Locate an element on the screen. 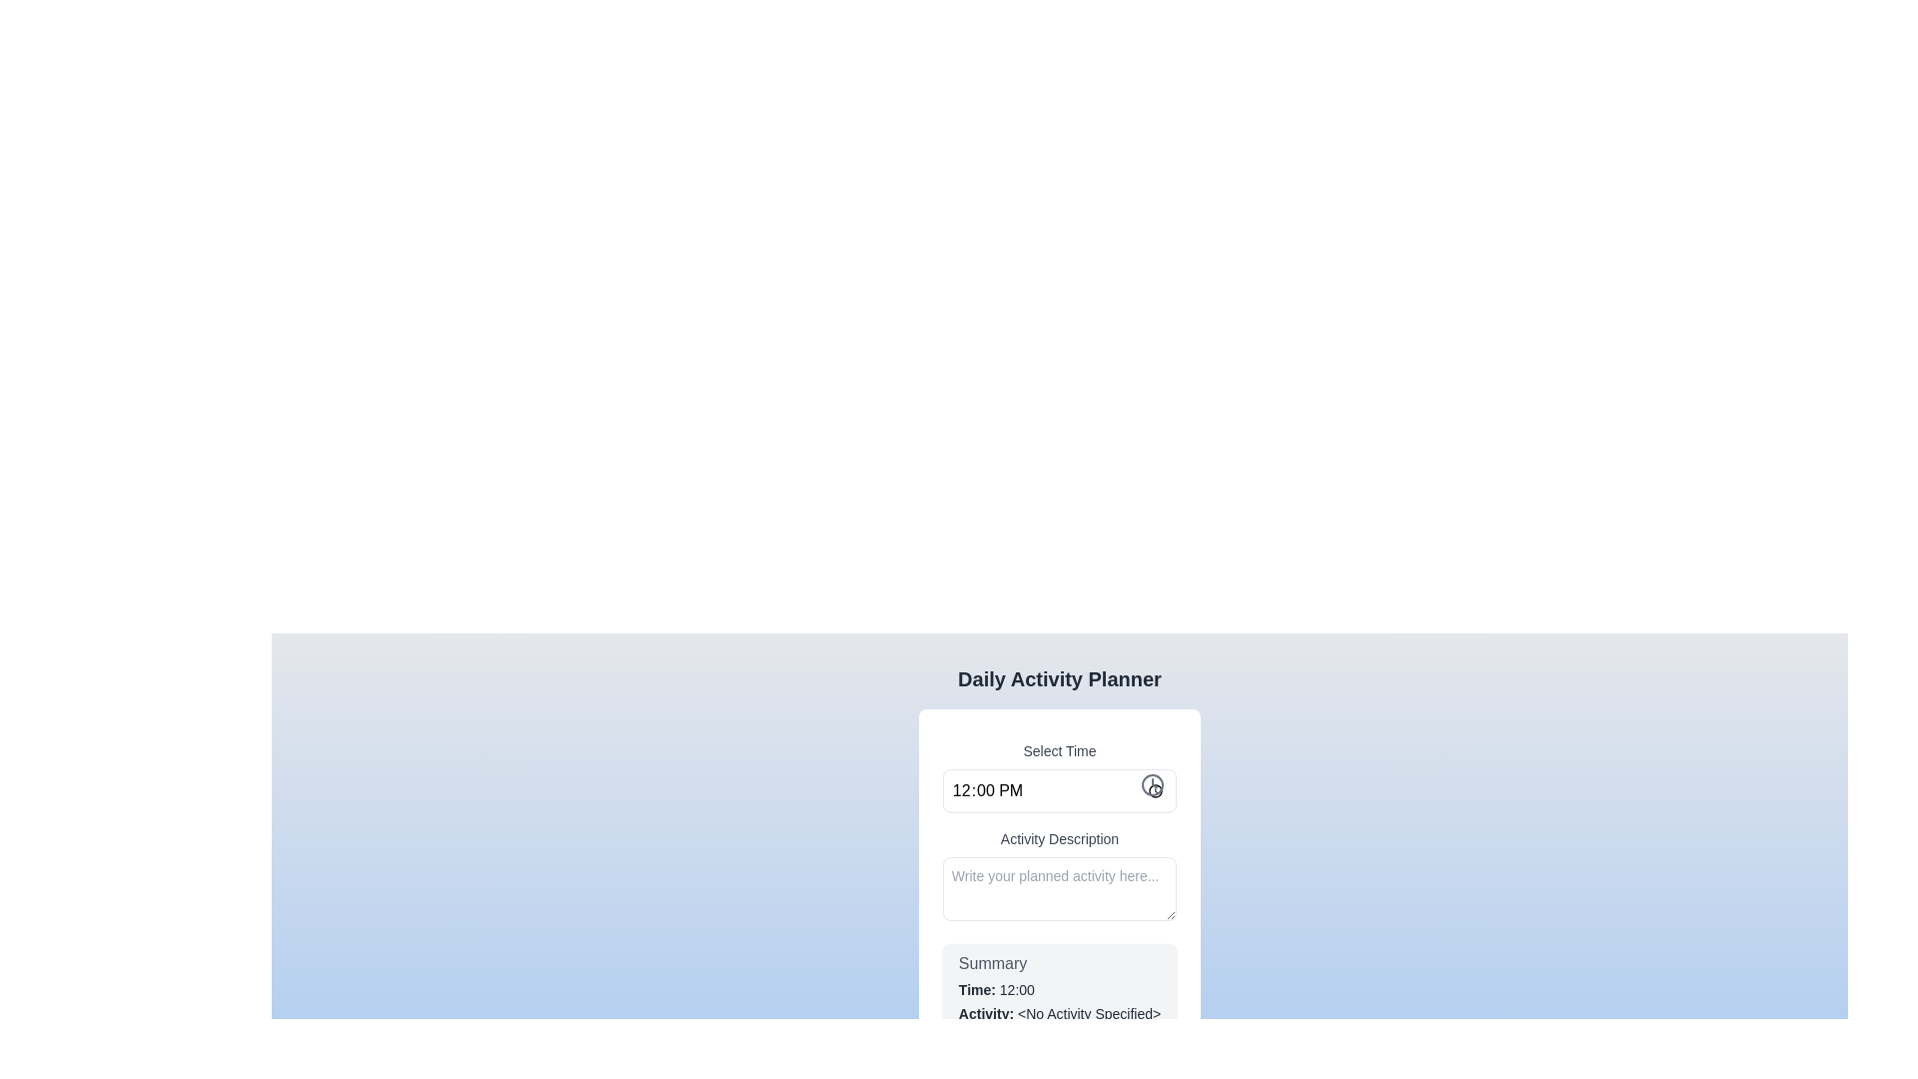 The height and width of the screenshot is (1079, 1918). the text label displaying 'Activity: <No Activity Specified>' which is the second line in the summary section, following the 'Time: 12:00' label, aligned to the left in a small gray font is located at coordinates (1058, 1013).